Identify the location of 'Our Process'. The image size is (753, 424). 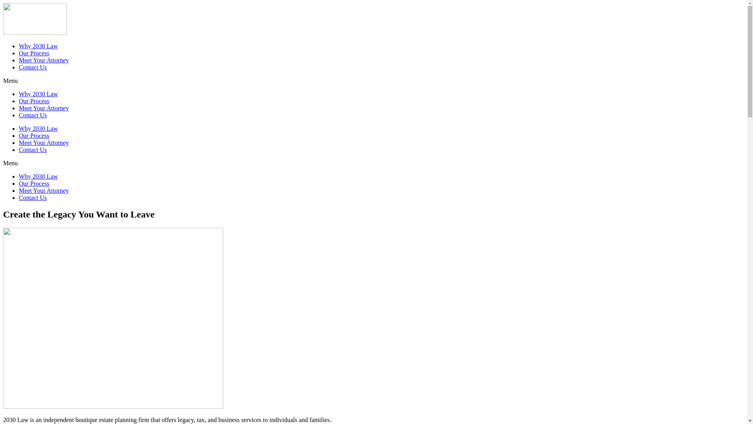
(33, 53).